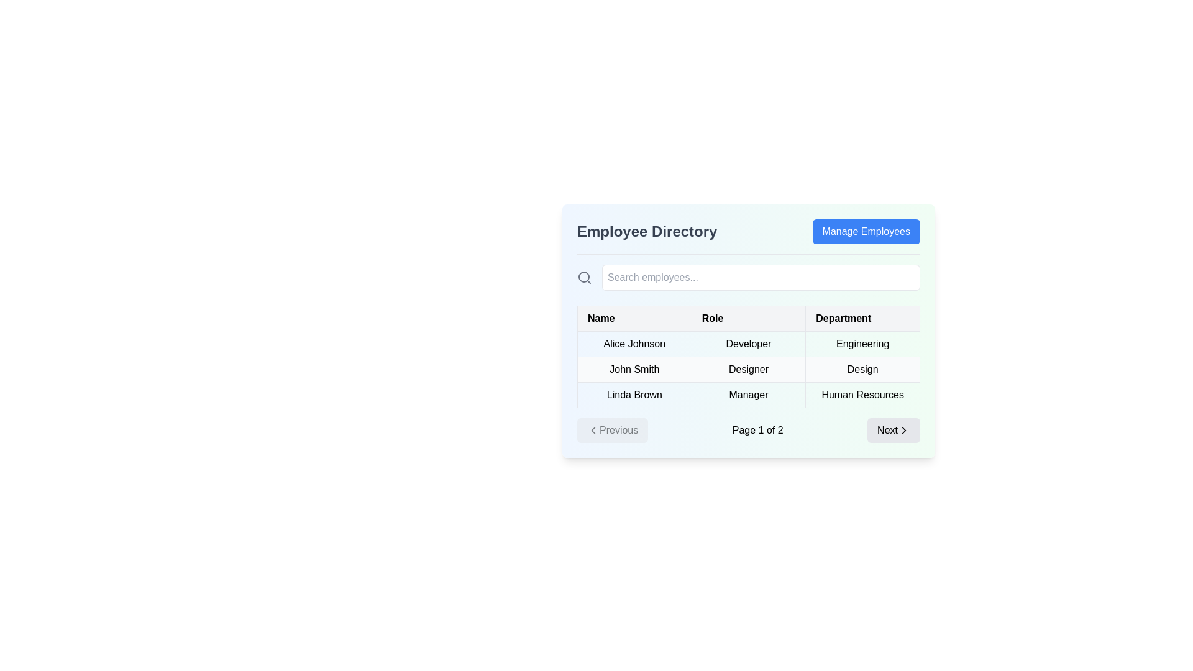  What do you see at coordinates (747, 368) in the screenshot?
I see `the text fields within the row displaying information about 'John Smith', who is a 'Designer' in the 'Design' department` at bounding box center [747, 368].